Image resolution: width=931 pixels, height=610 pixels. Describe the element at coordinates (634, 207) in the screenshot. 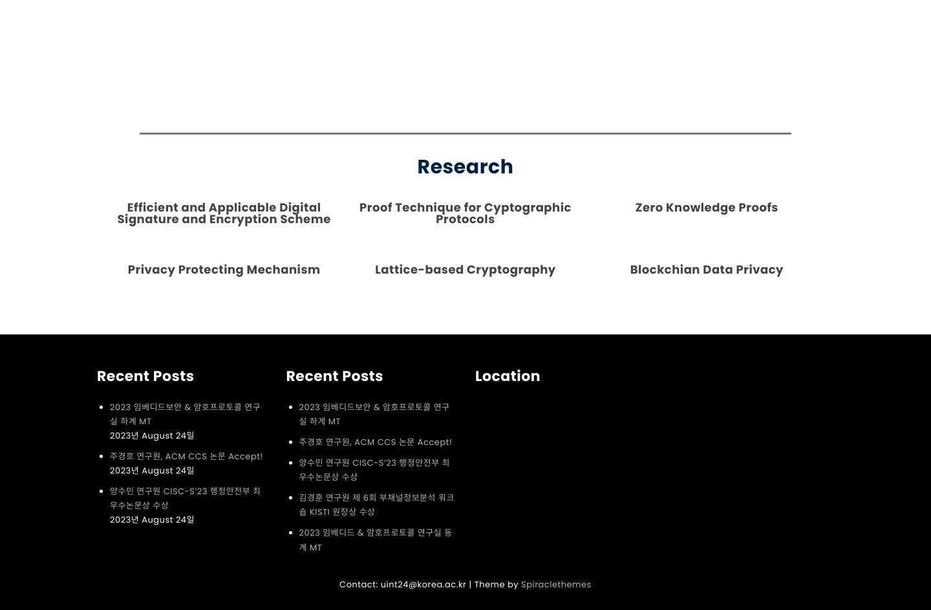

I see `'Zero Knowledge Proofs'` at that location.